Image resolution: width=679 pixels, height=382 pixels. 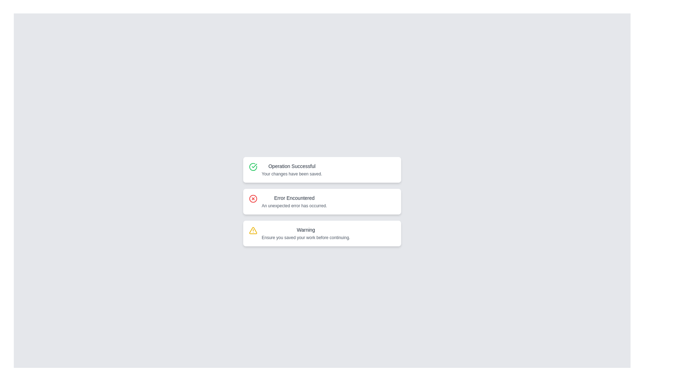 What do you see at coordinates (306, 230) in the screenshot?
I see `the warning message title text label, which serves as the heading for the warning message` at bounding box center [306, 230].